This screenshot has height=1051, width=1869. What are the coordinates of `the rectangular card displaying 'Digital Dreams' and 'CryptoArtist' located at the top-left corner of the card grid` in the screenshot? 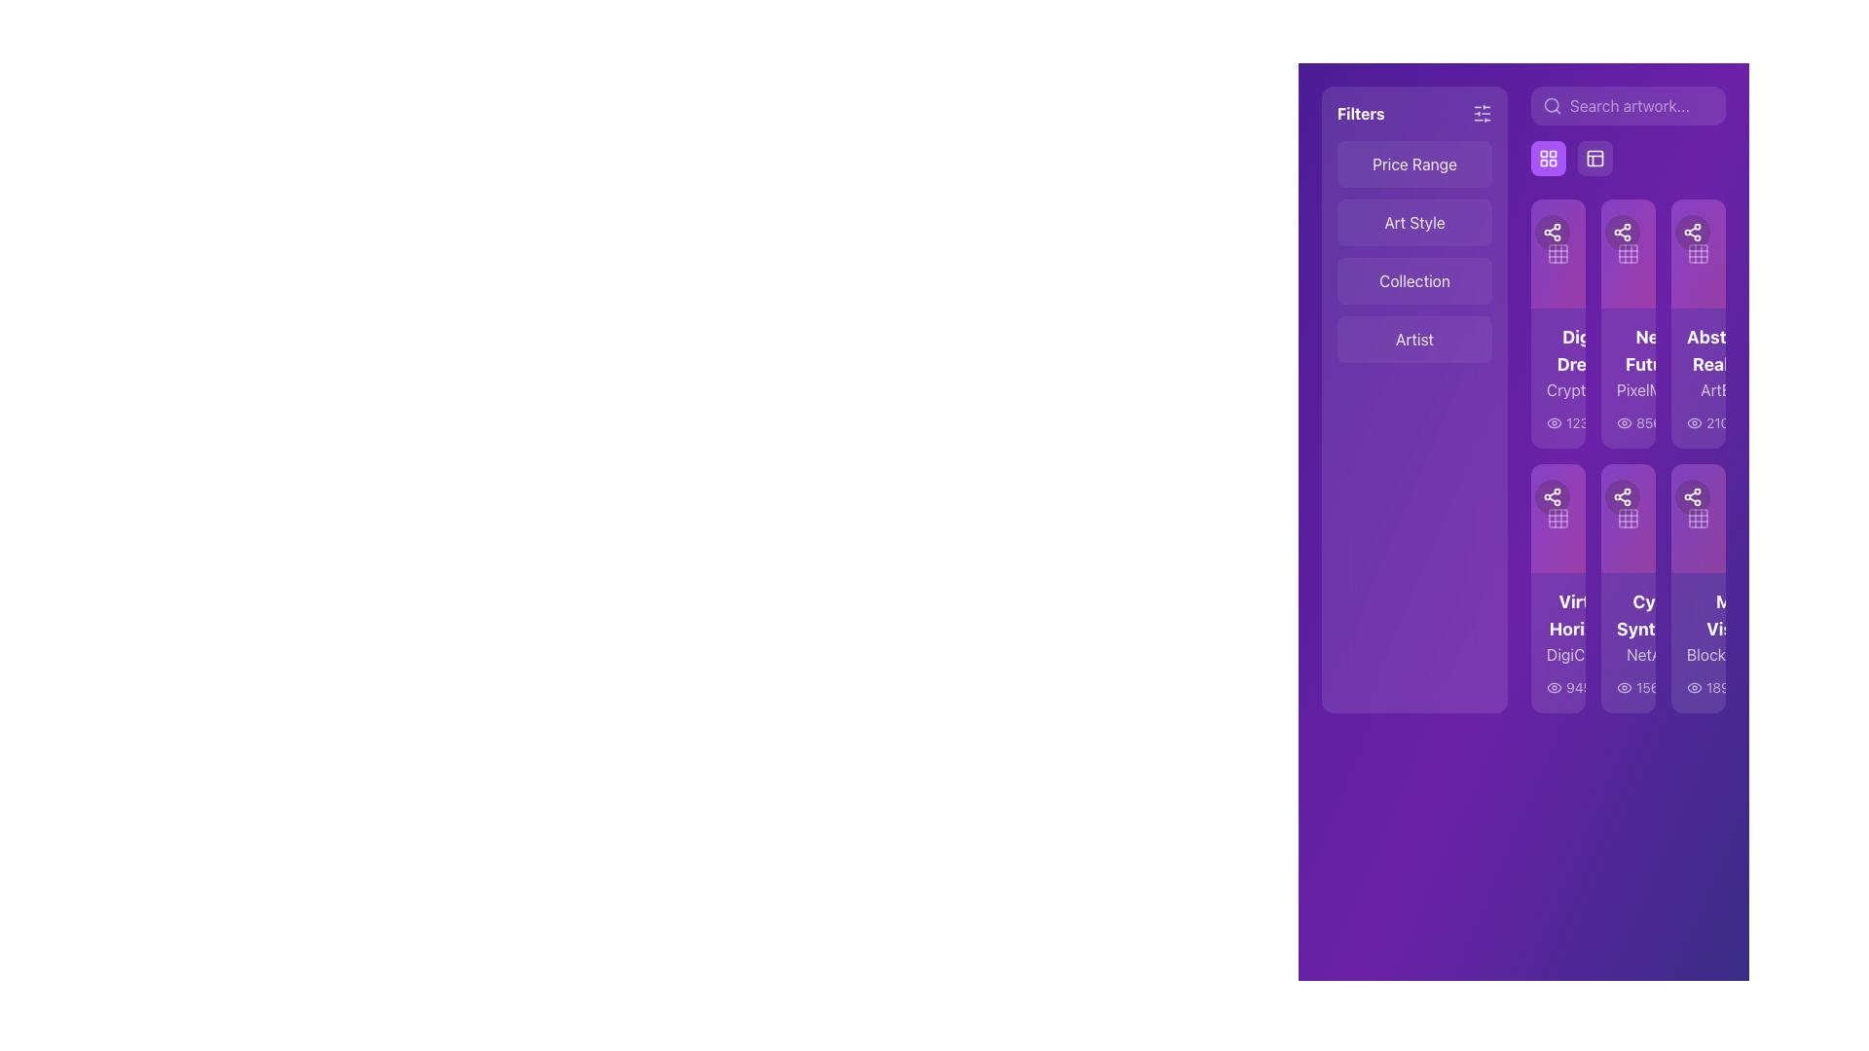 It's located at (1558, 379).